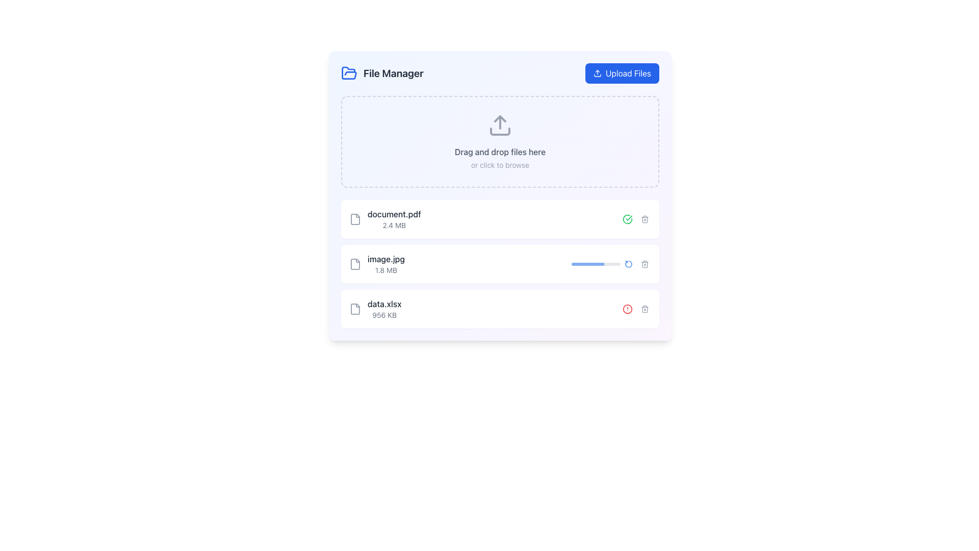 The width and height of the screenshot is (979, 551). What do you see at coordinates (385, 259) in the screenshot?
I see `the text label displaying 'image.jpg' which is part of a file entry in the second row of the file list` at bounding box center [385, 259].